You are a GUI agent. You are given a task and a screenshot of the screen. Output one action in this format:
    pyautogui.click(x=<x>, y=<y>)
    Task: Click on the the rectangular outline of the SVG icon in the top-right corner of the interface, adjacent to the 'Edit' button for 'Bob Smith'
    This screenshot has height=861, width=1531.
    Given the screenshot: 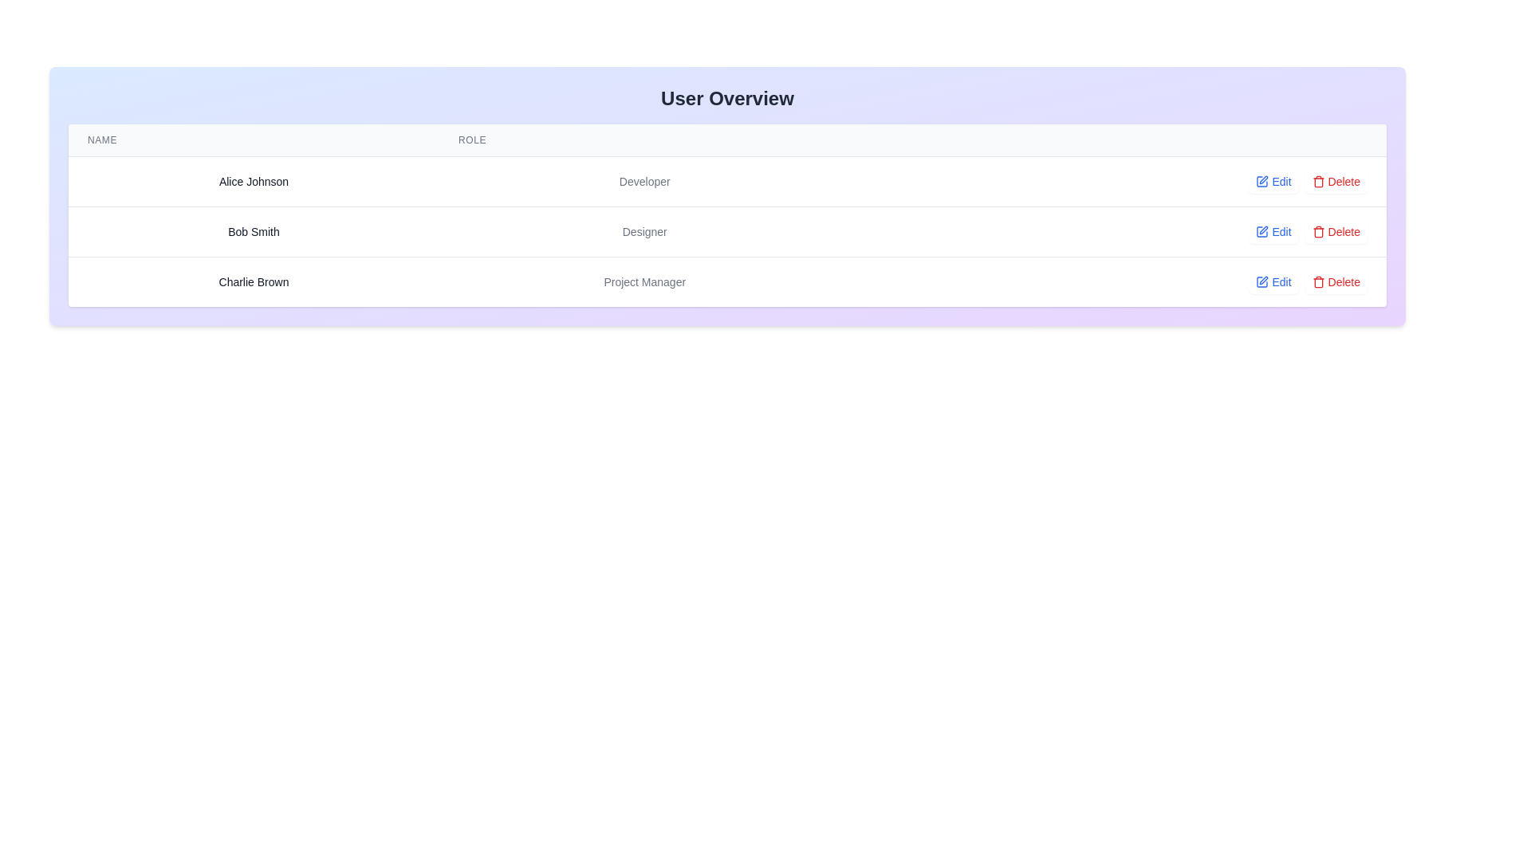 What is the action you would take?
    pyautogui.click(x=1261, y=231)
    